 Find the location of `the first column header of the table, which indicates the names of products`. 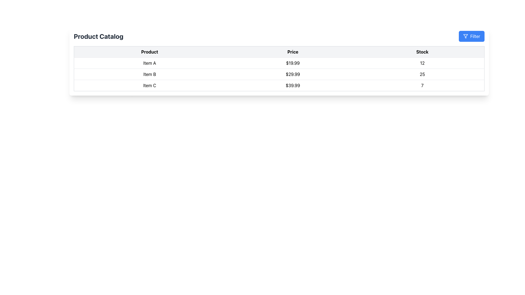

the first column header of the table, which indicates the names of products is located at coordinates (150, 52).